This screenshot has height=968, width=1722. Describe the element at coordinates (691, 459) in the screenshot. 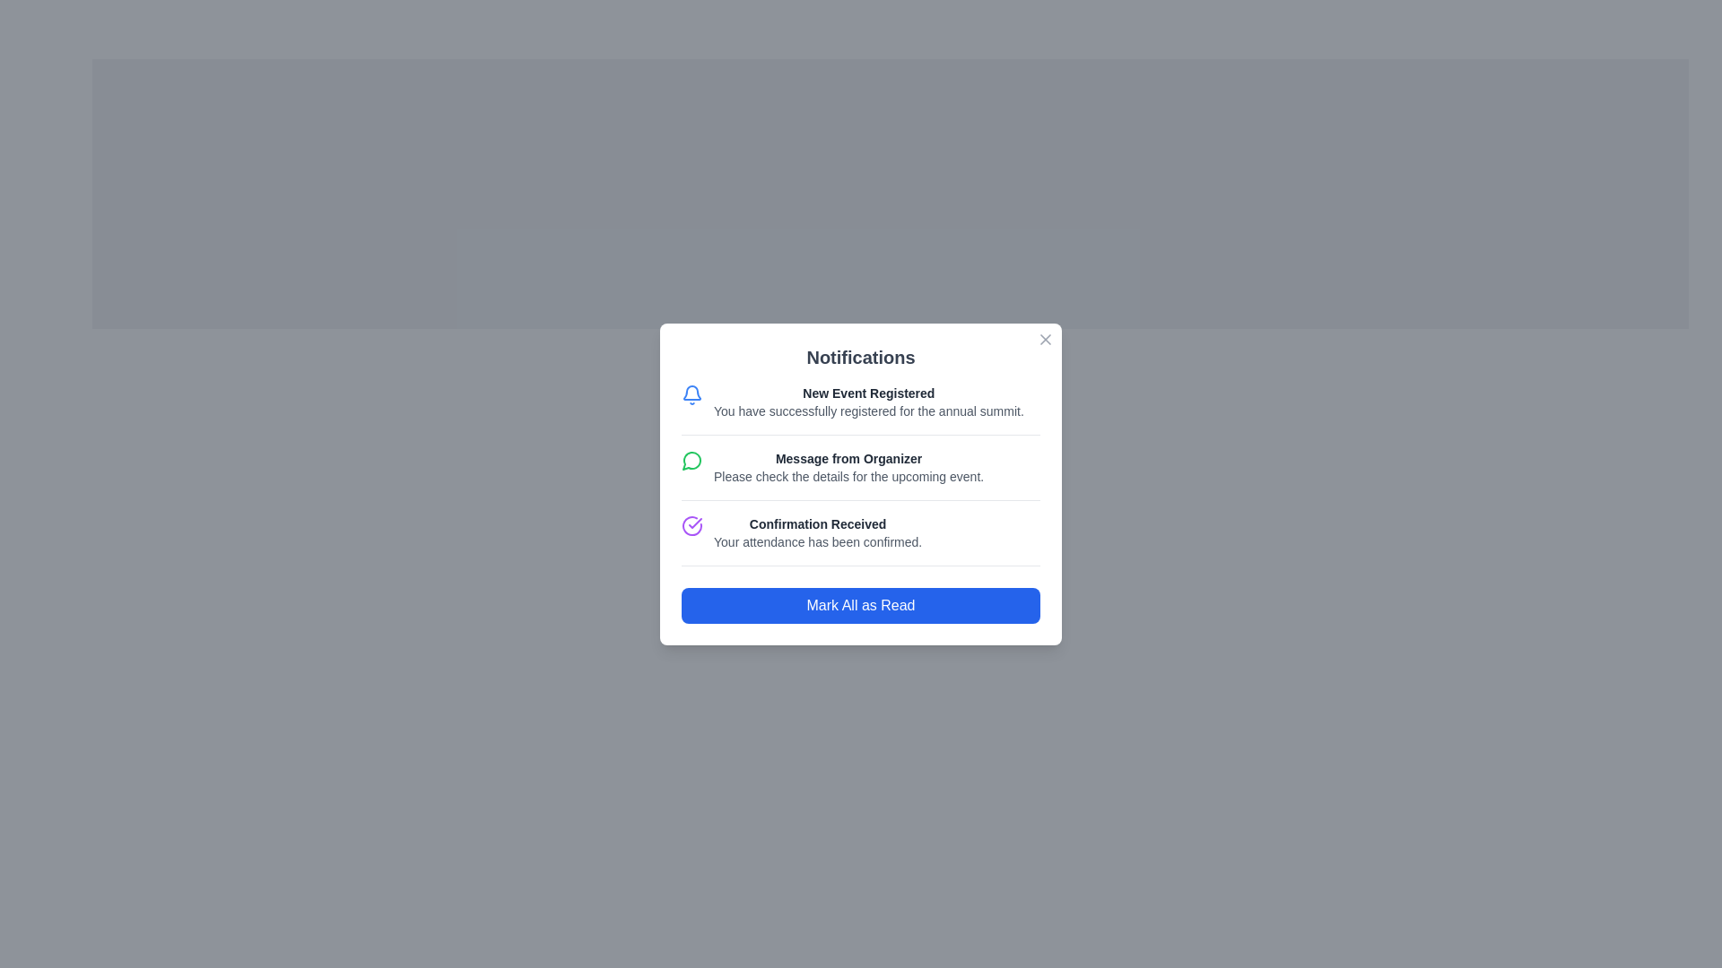

I see `the notification icon located to the left of the text 'Message from Organizer' in the notification section` at that location.